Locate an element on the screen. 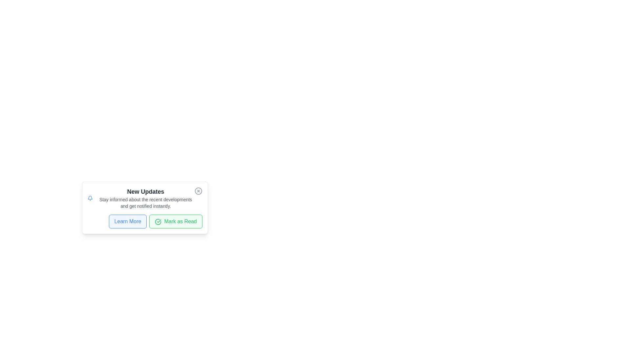  the informational text block displaying 'New Updates' and its description 'Stay informed about the recent developments and get notified instantly', located in the top section of a notification card is located at coordinates (145, 198).